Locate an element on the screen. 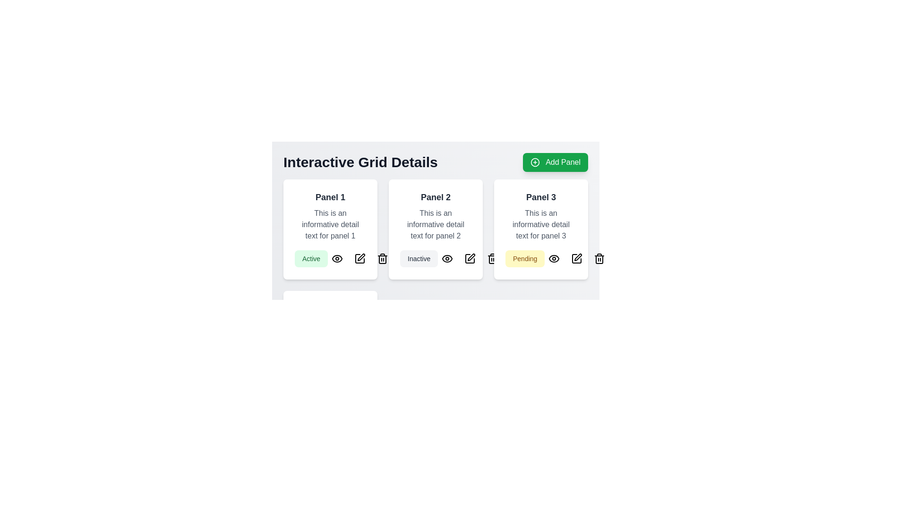  the editing button located in the middle of a row of three icons beneath the 'Panel 2' card, which is the second icon from the left, positioned between the eye icon and the trash bin icon is located at coordinates (470, 258).